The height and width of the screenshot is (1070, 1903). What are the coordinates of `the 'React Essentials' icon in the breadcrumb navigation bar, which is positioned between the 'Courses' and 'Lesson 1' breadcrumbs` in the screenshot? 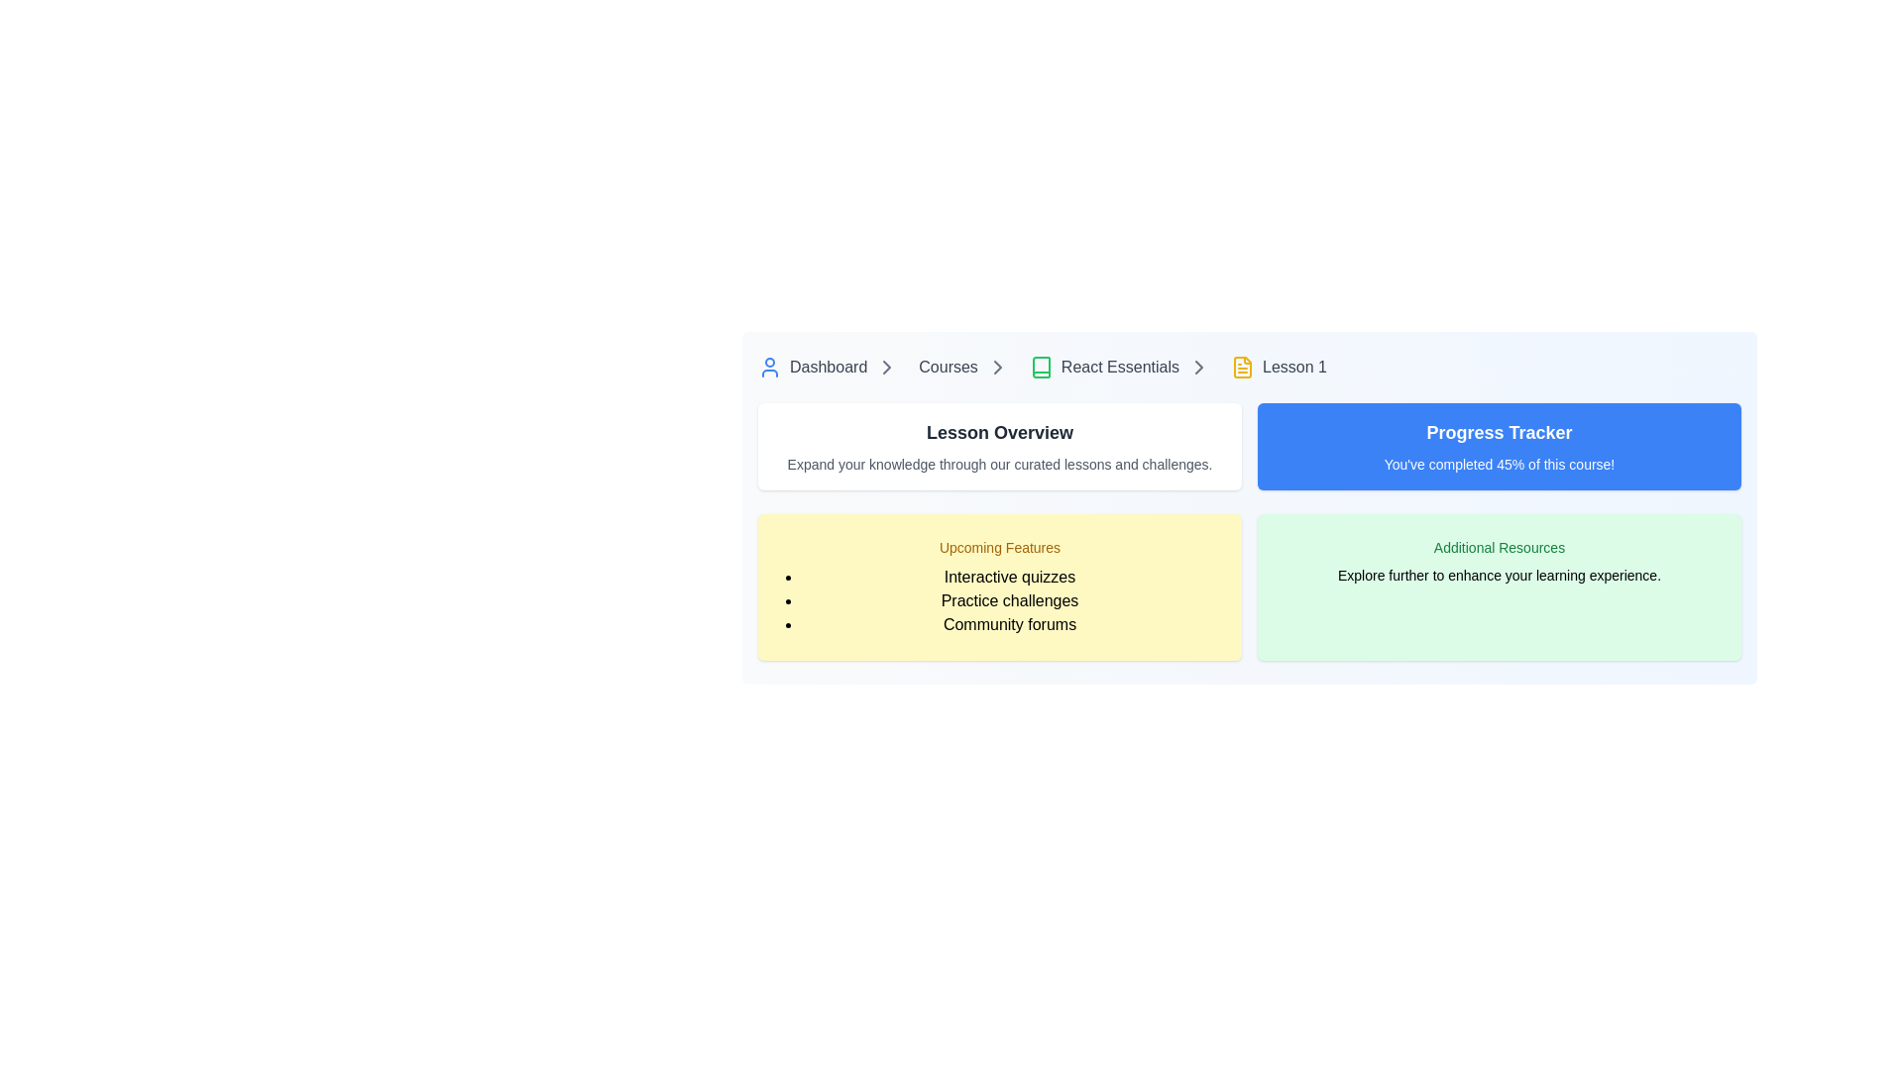 It's located at (1040, 367).